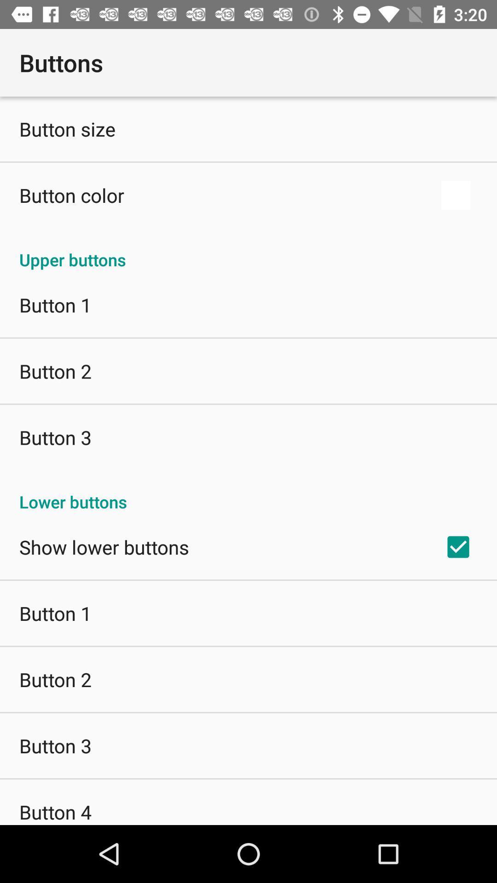  Describe the element at coordinates (248, 250) in the screenshot. I see `item above the button 1 icon` at that location.